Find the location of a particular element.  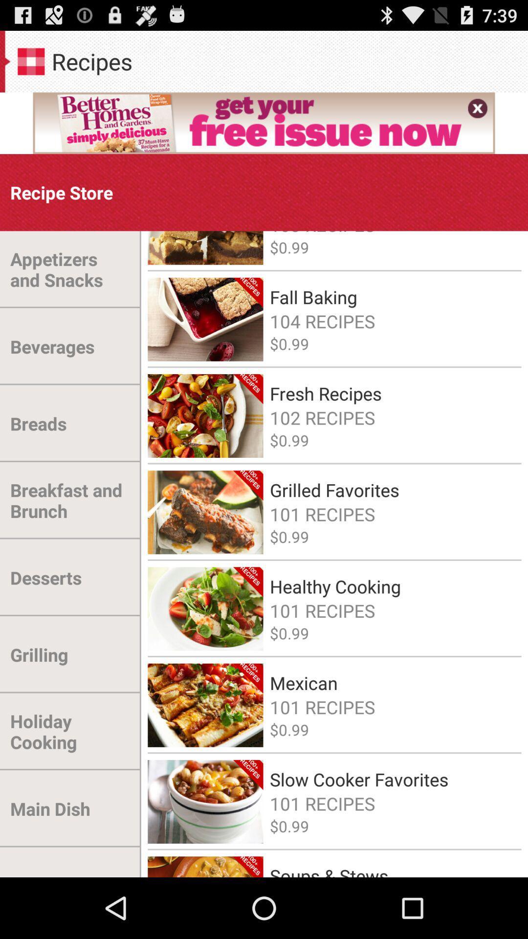

the main dish is located at coordinates (50, 808).